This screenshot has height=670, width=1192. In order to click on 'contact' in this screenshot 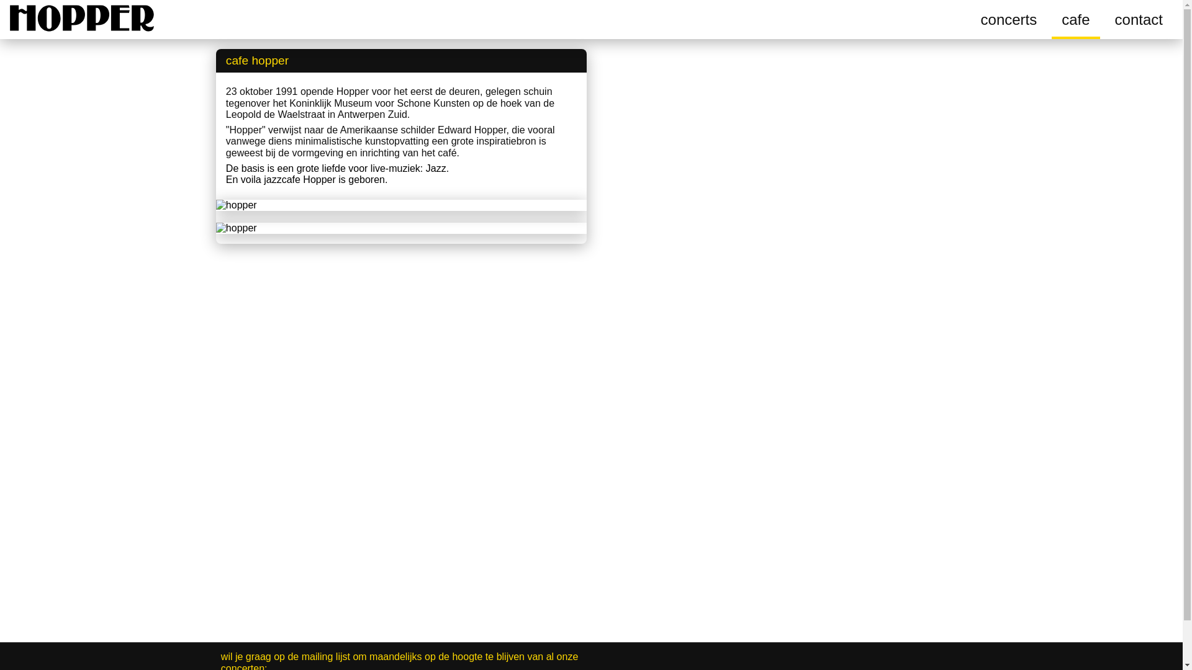, I will do `click(1139, 19)`.